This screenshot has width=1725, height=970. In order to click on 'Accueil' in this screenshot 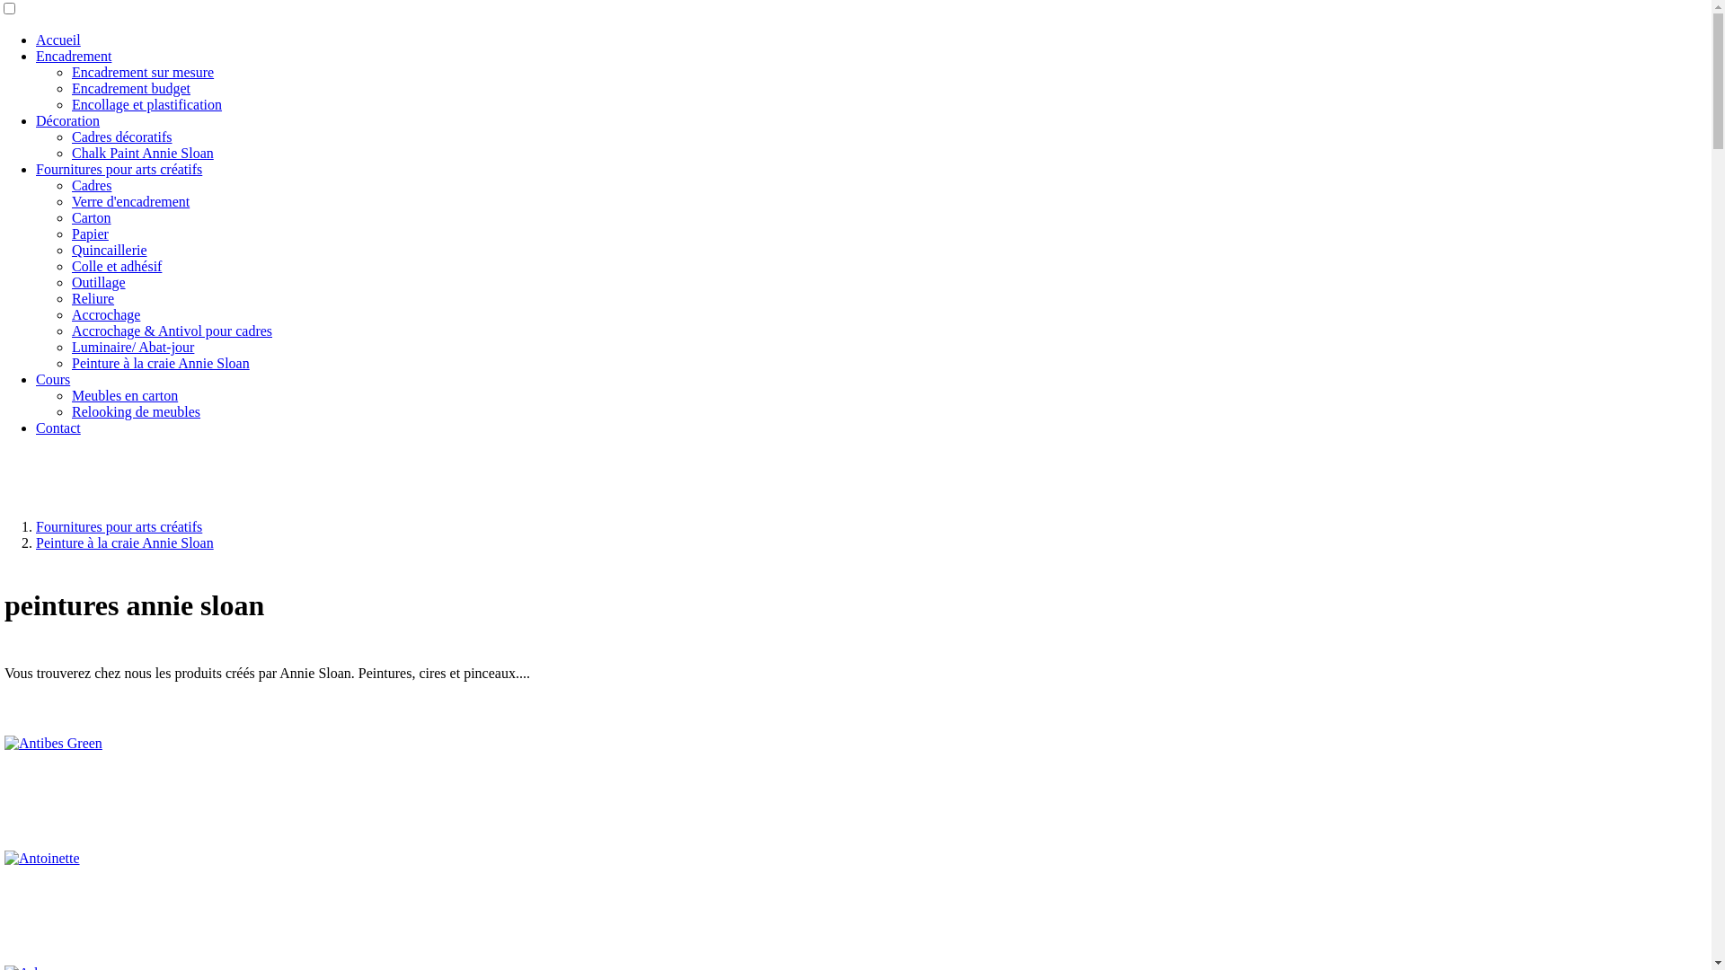, I will do `click(35, 40)`.